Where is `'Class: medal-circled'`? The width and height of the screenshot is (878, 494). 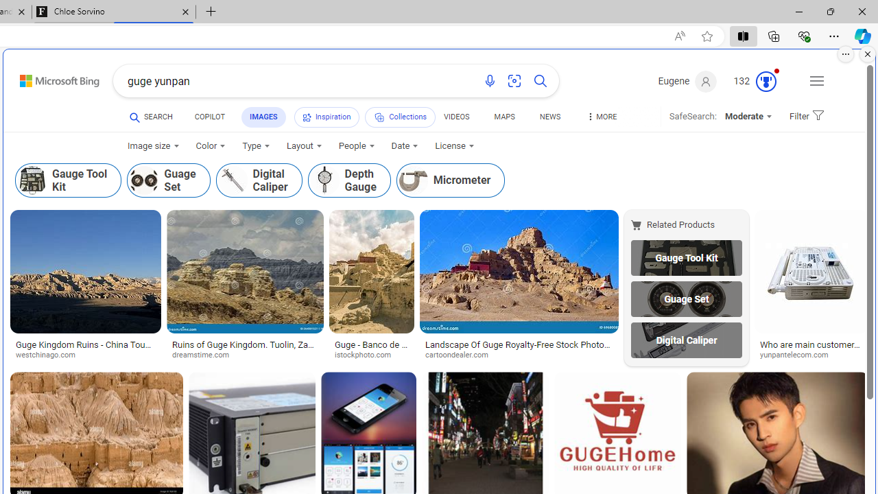 'Class: medal-circled' is located at coordinates (765, 82).